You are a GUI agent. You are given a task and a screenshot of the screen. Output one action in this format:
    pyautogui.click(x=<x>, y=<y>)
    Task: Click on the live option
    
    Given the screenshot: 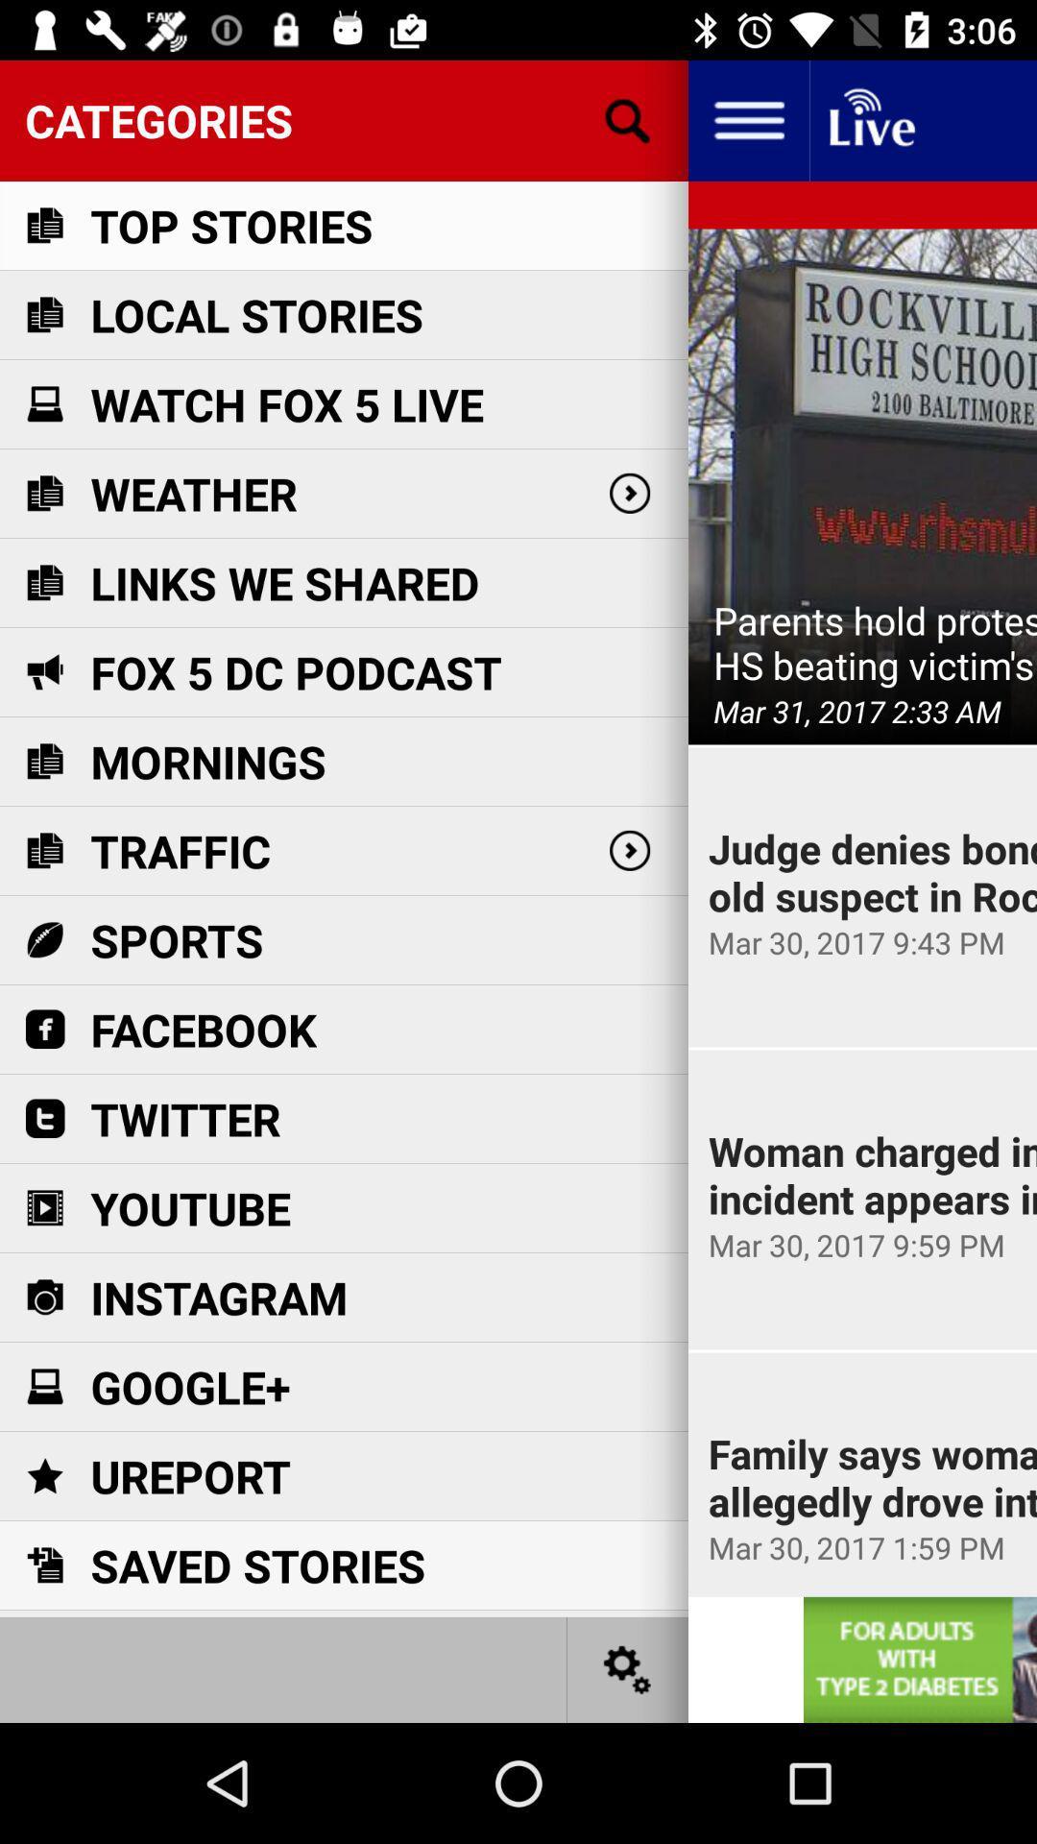 What is the action you would take?
    pyautogui.click(x=870, y=119)
    